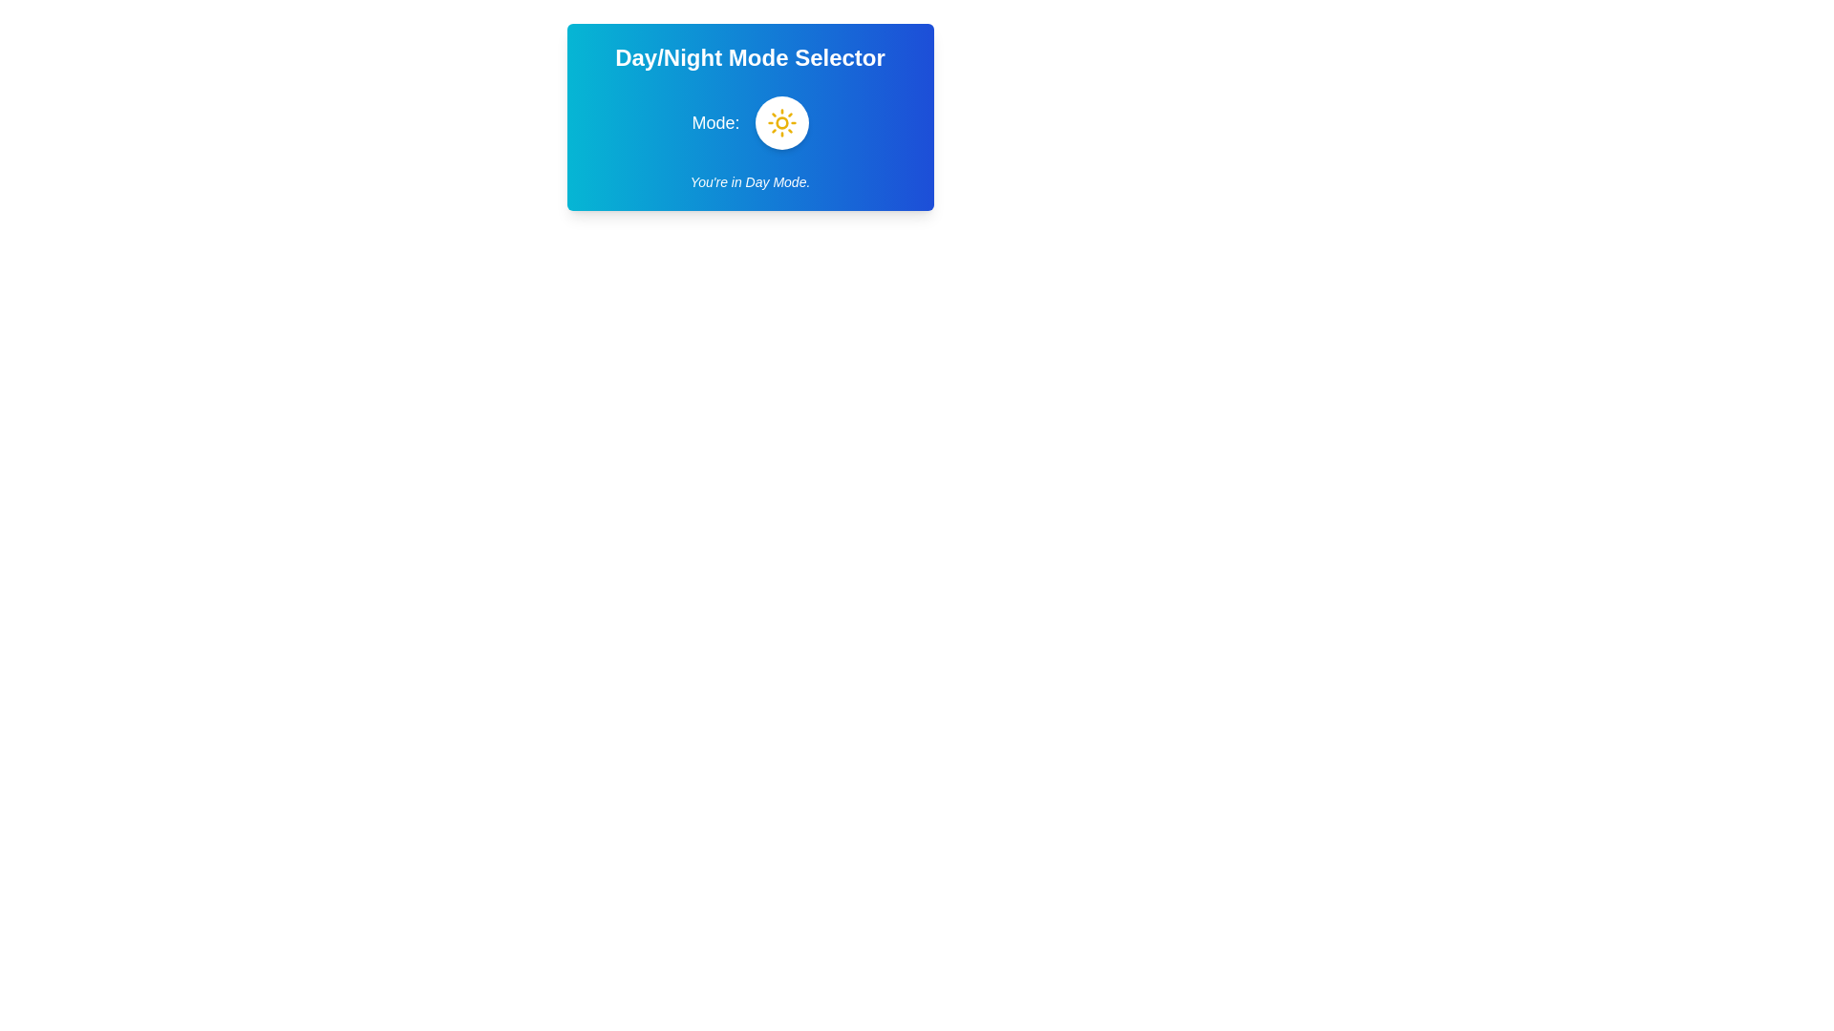 Image resolution: width=1834 pixels, height=1031 pixels. Describe the element at coordinates (781, 122) in the screenshot. I see `Day/Night toggle button to switch modes` at that location.